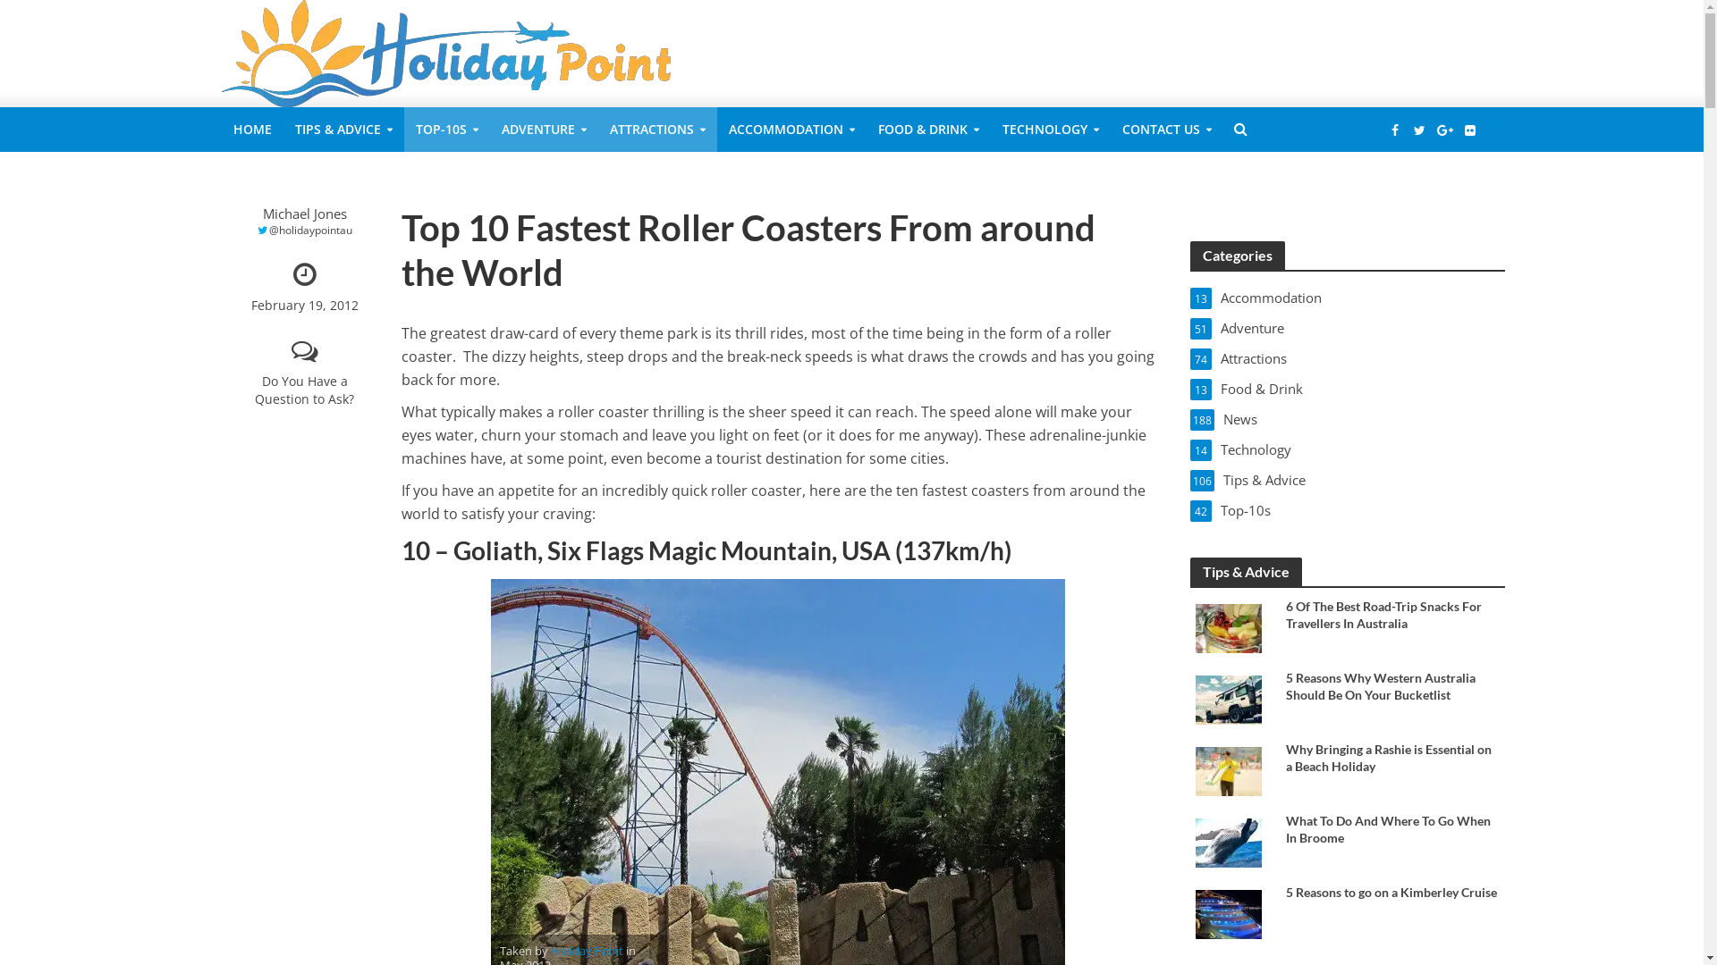  What do you see at coordinates (1348, 296) in the screenshot?
I see `'Accommodation` at bounding box center [1348, 296].